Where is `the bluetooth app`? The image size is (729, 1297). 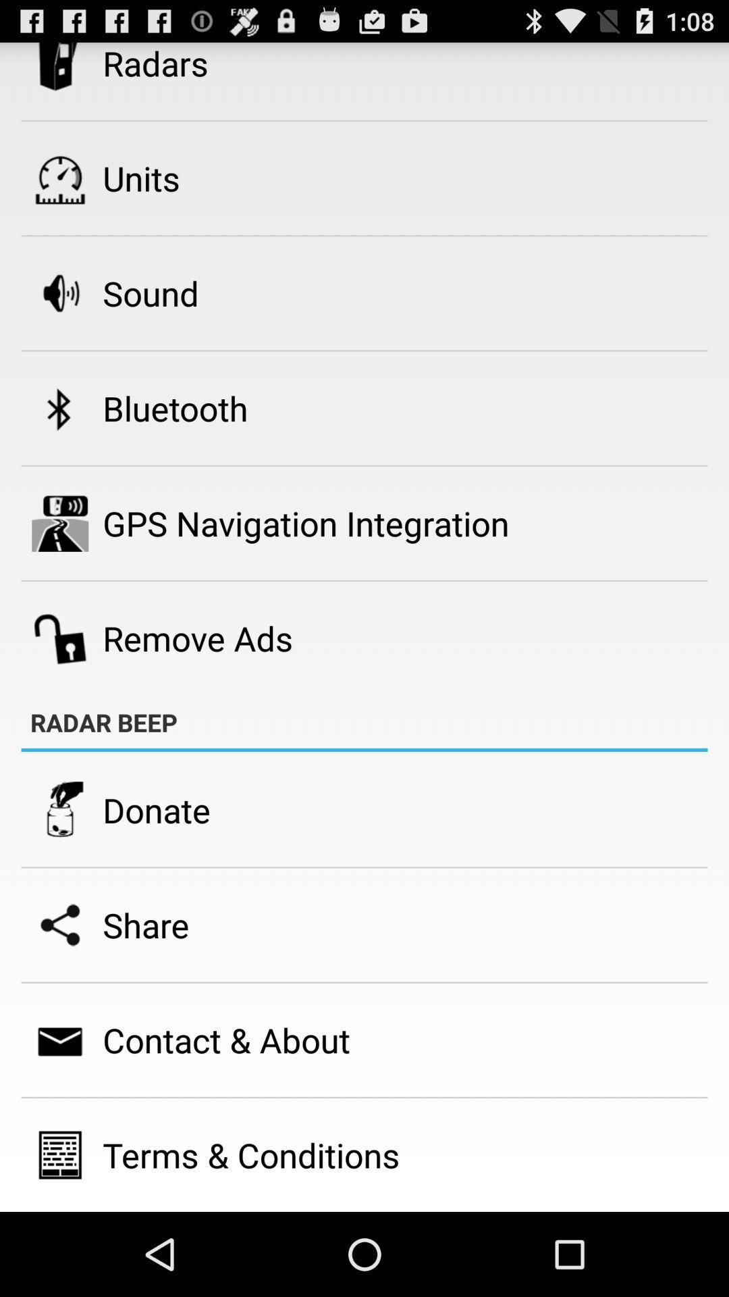
the bluetooth app is located at coordinates (174, 407).